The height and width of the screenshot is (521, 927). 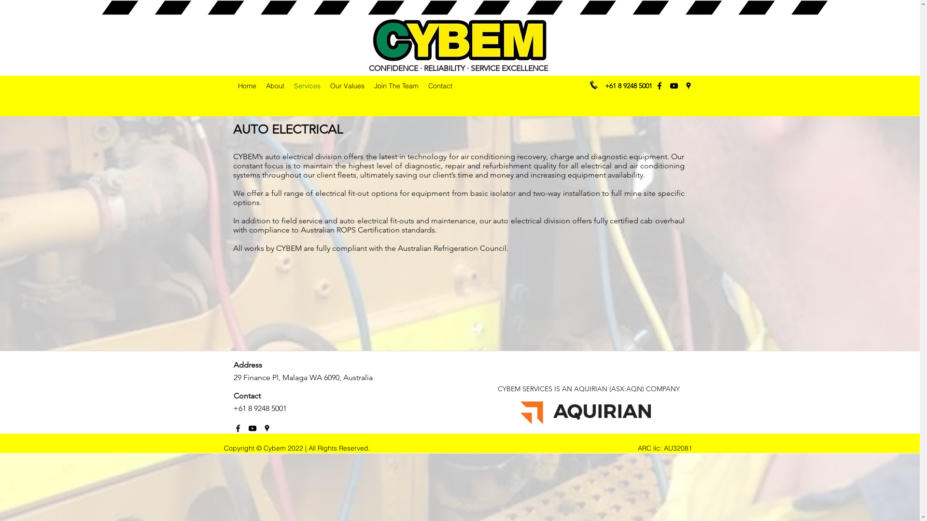 I want to click on 'Home', so click(x=246, y=85).